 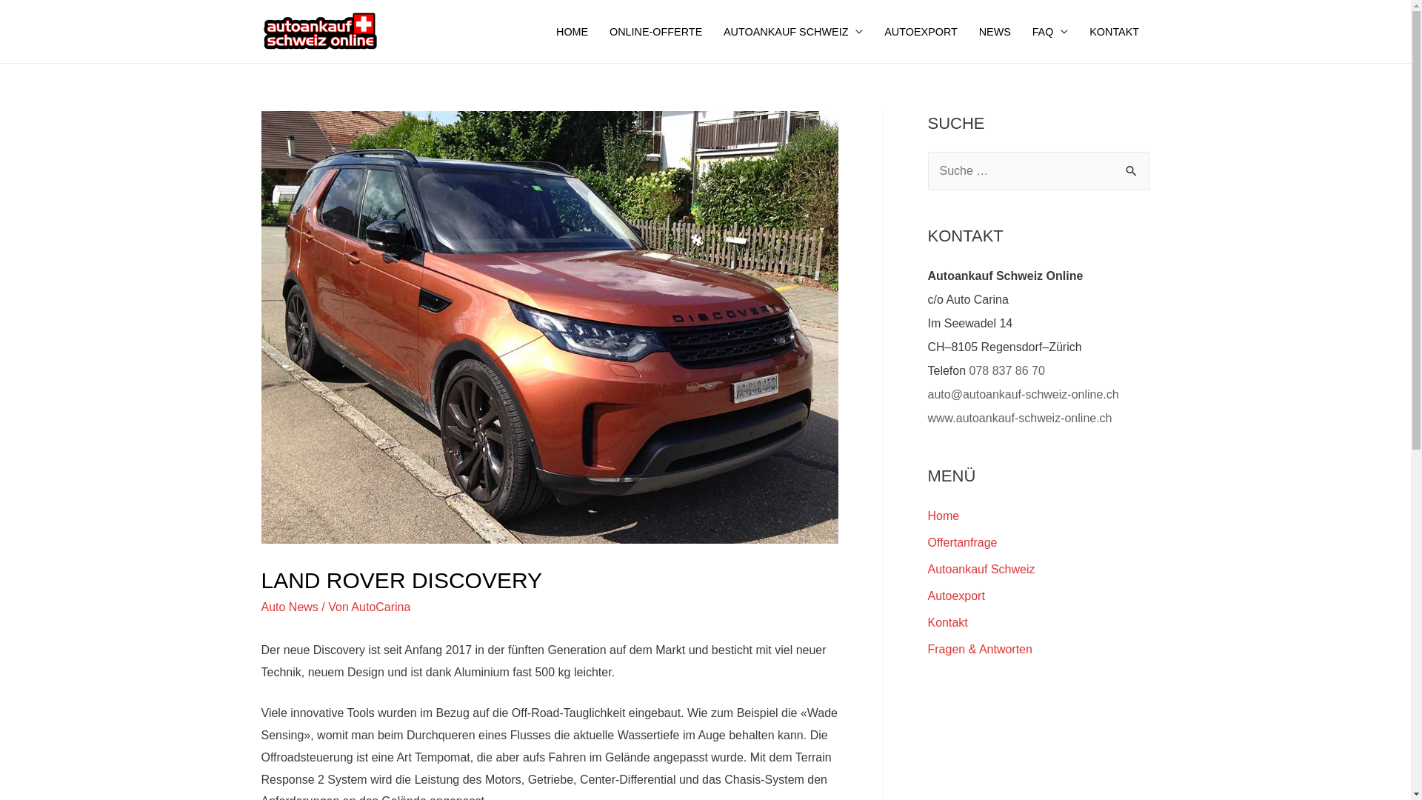 What do you see at coordinates (289, 607) in the screenshot?
I see `'Auto News'` at bounding box center [289, 607].